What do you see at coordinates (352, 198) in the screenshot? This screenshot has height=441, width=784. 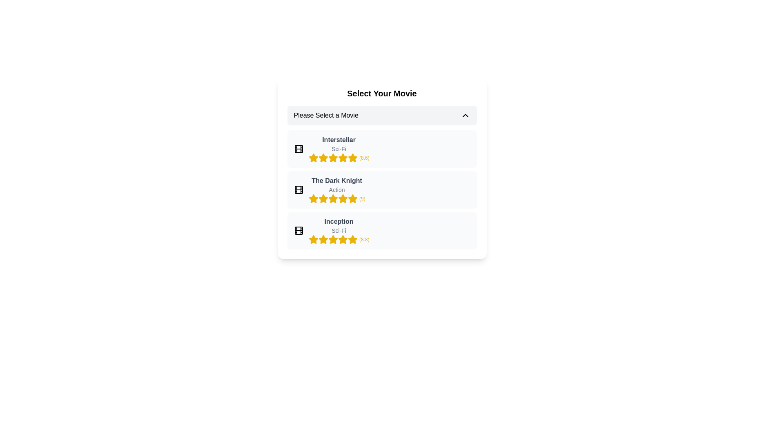 I see `the yellow star icon representing a rating marker for 'The Dark Knight' movie entry, which is the last star in the sequence of five in the third row of the list` at bounding box center [352, 198].